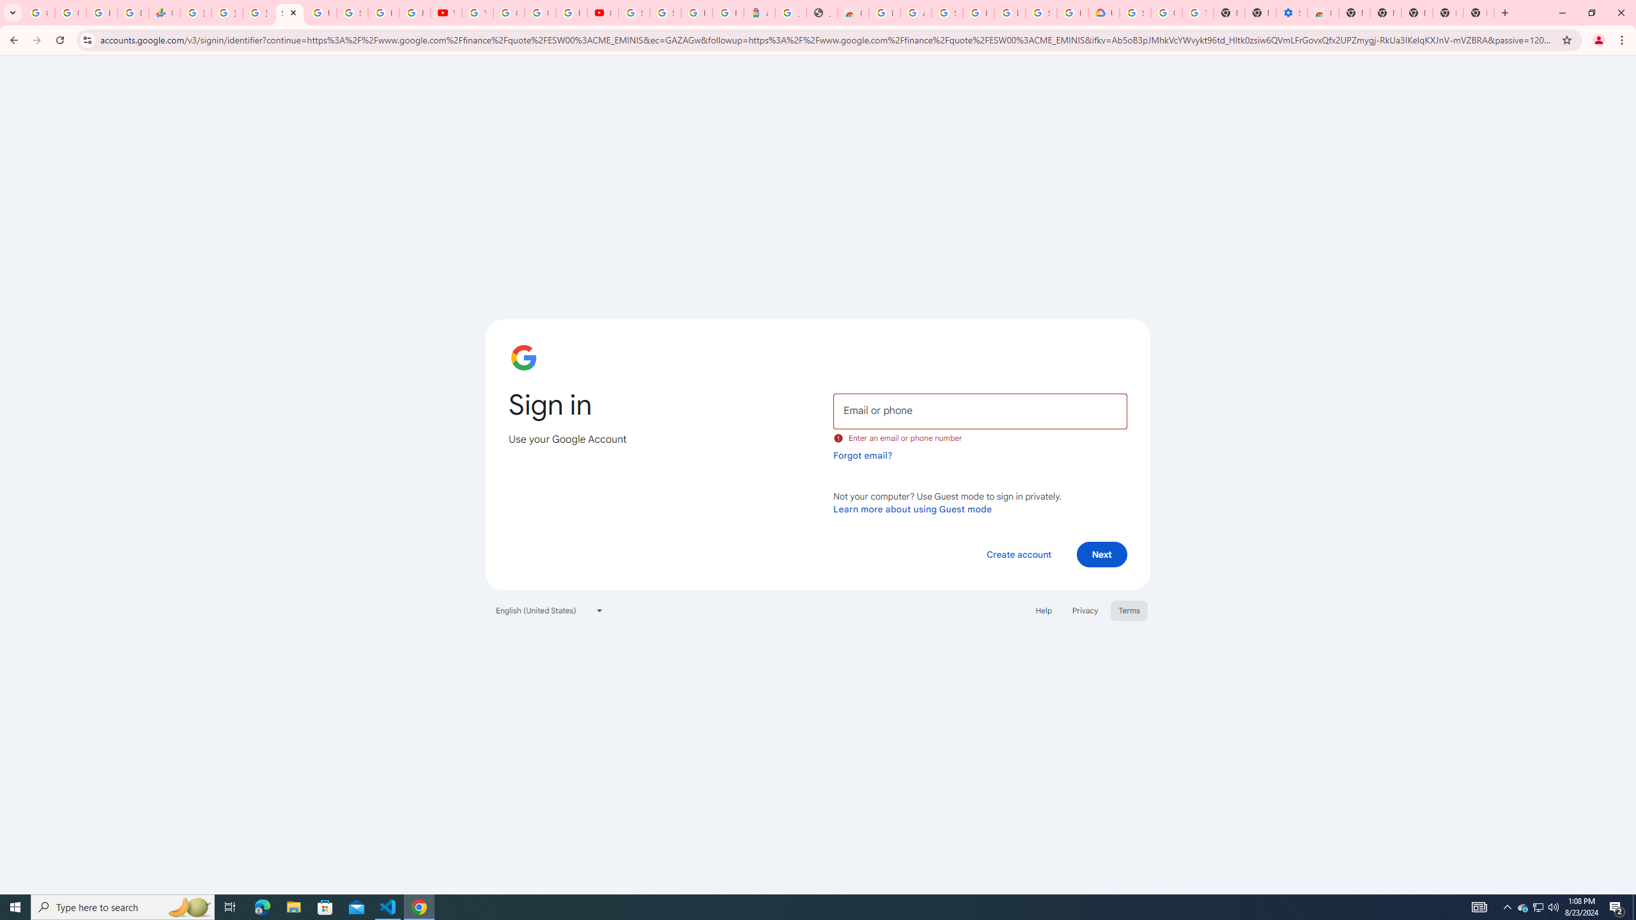  What do you see at coordinates (1323, 12) in the screenshot?
I see `'Chrome Web Store - Accessibility extensions'` at bounding box center [1323, 12].